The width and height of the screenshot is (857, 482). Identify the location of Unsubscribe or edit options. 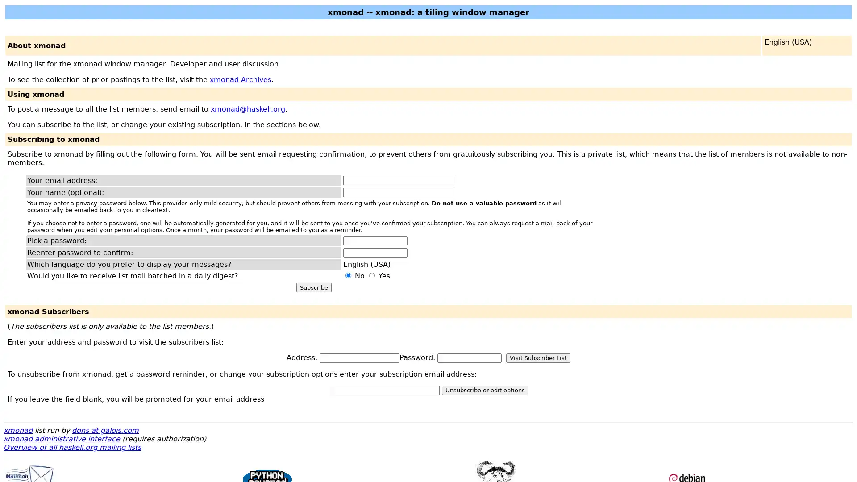
(484, 390).